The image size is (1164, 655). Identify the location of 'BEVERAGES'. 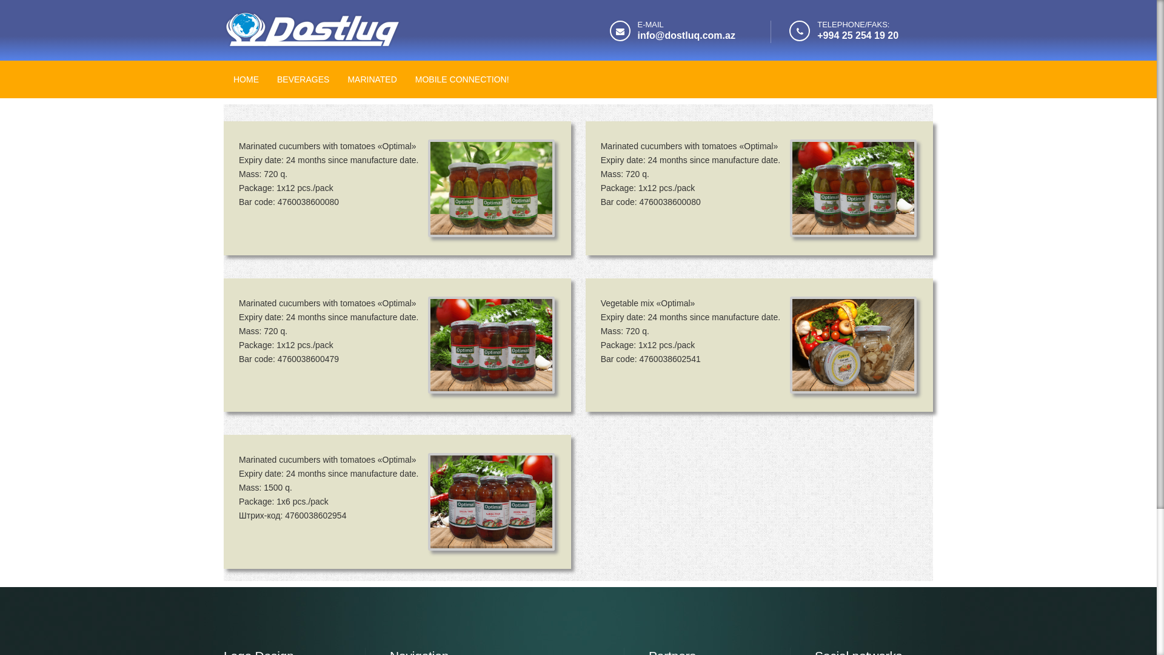
(303, 78).